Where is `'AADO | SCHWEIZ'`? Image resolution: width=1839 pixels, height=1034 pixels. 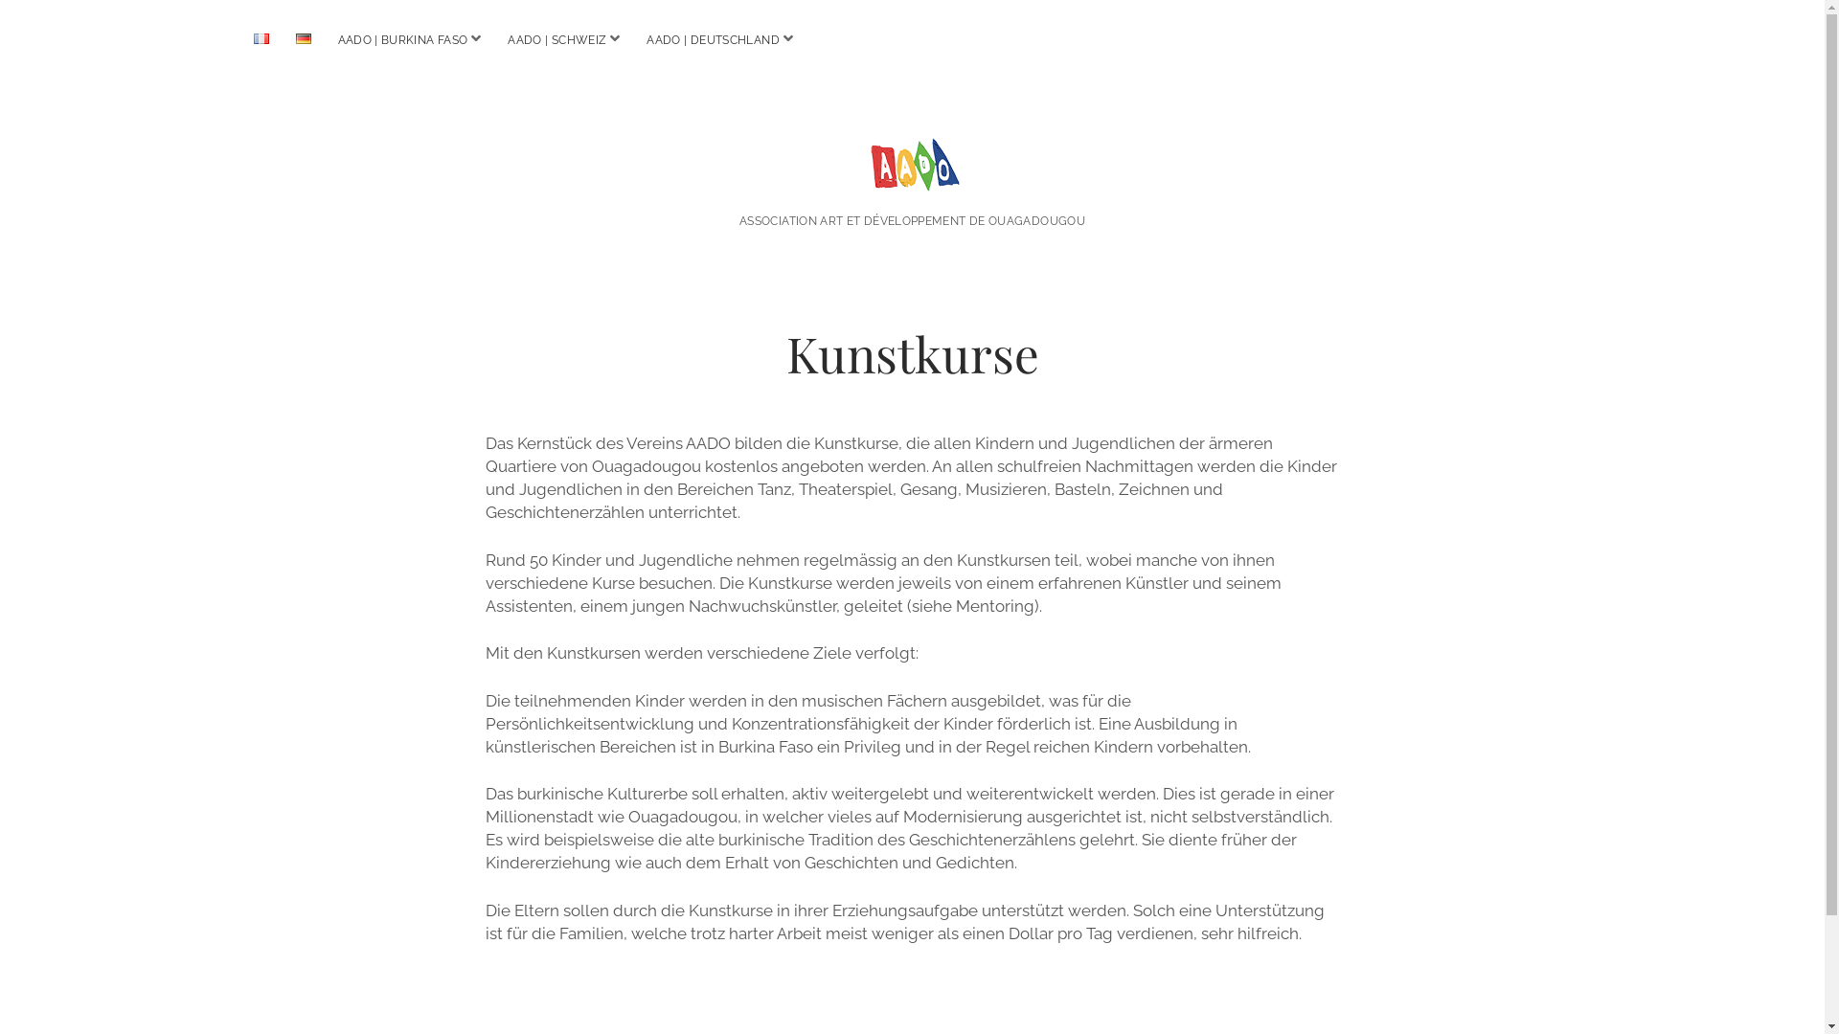 'AADO | SCHWEIZ' is located at coordinates (556, 40).